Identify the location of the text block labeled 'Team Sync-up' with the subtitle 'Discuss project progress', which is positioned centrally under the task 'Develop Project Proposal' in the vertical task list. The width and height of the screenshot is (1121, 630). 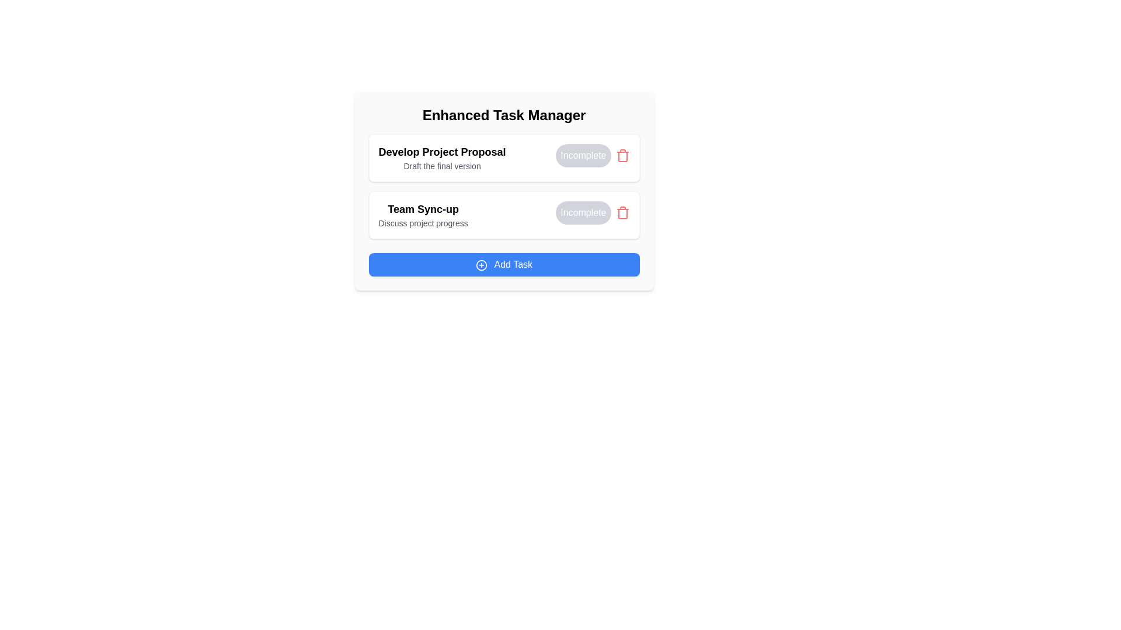
(423, 215).